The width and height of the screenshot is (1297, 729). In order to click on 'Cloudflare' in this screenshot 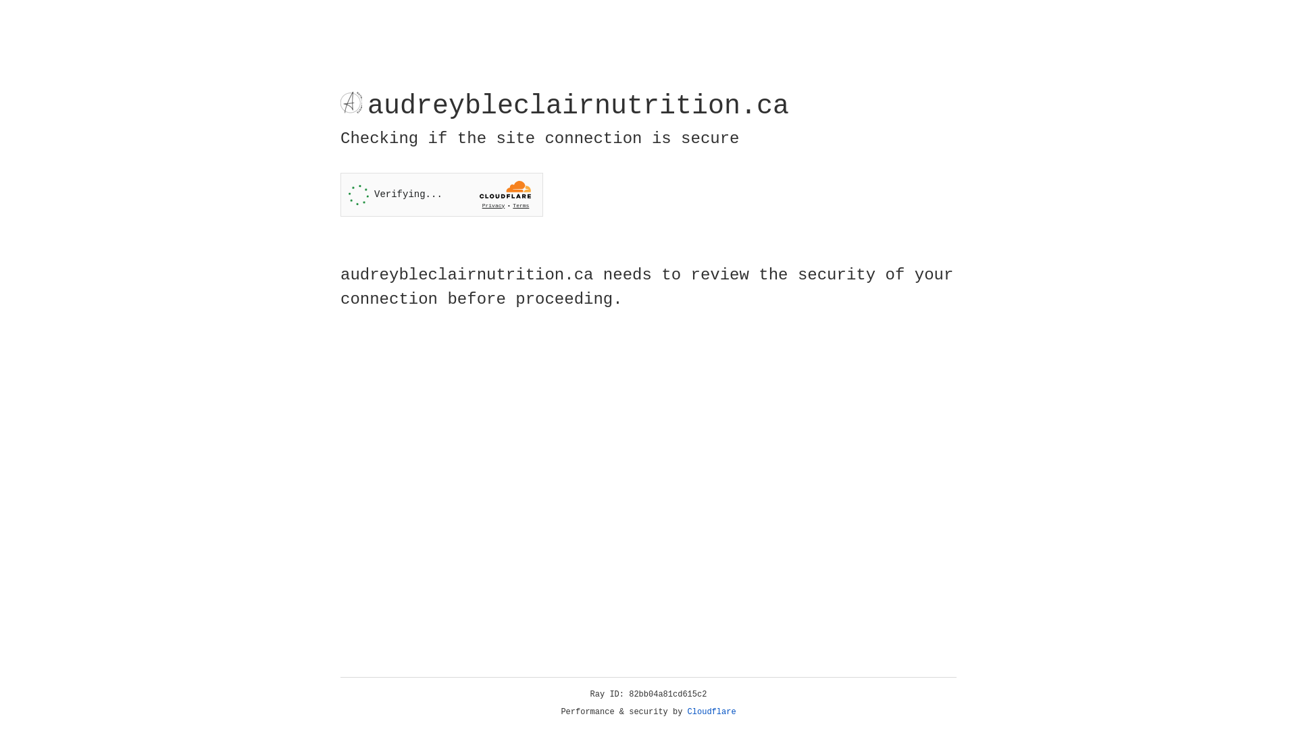, I will do `click(711, 711)`.